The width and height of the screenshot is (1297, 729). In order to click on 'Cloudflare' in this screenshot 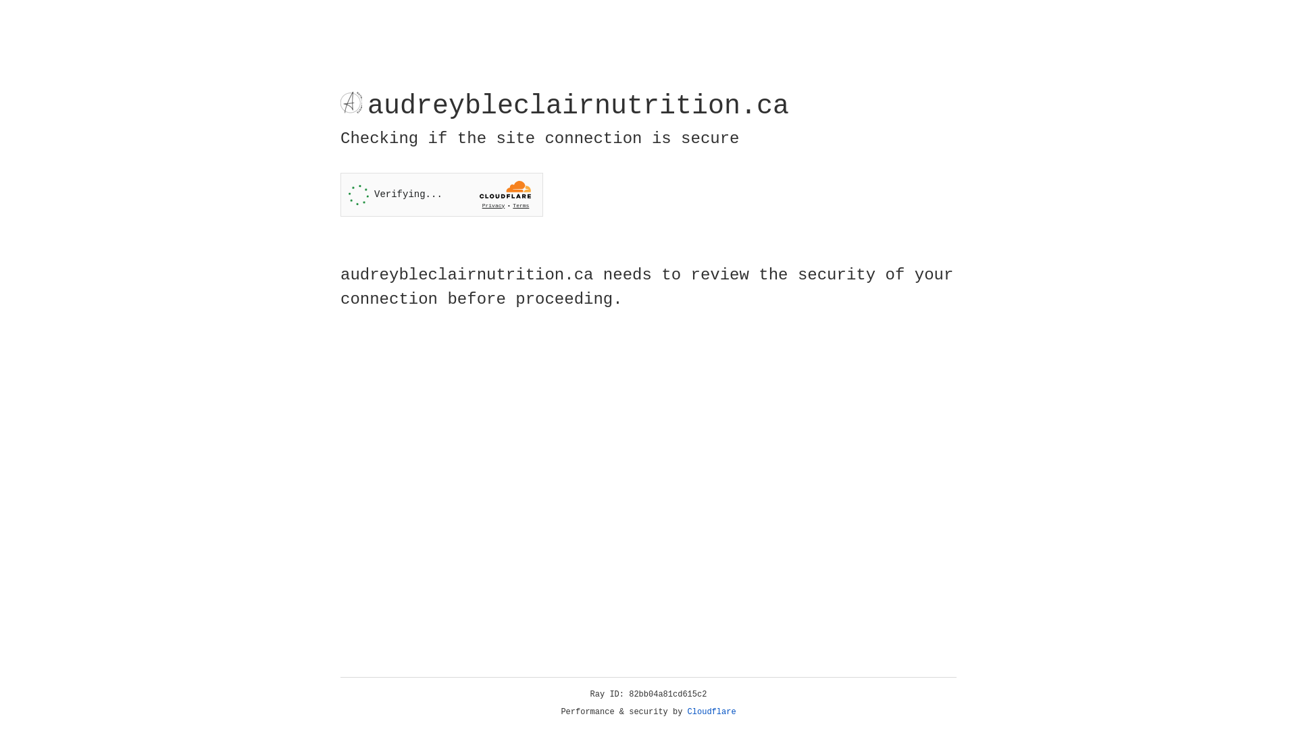, I will do `click(711, 711)`.